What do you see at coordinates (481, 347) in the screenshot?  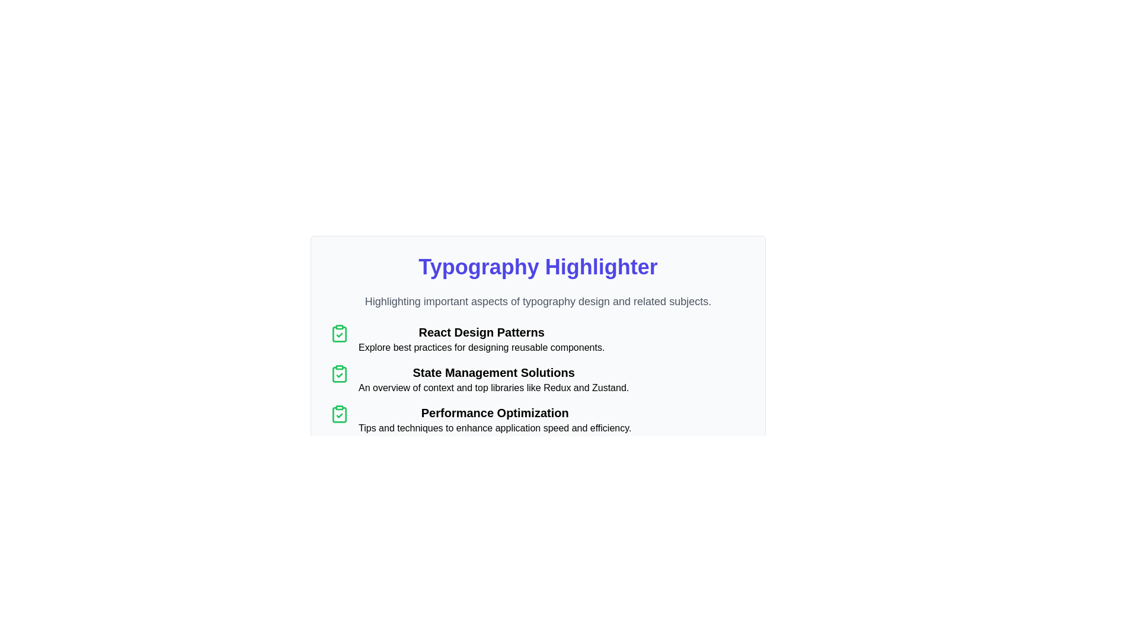 I see `the informational text that provides context for the title 'React Design Patterns', located directly below the title in a vertically arranged list, distinguished by a lighter font weight and smaller size` at bounding box center [481, 347].